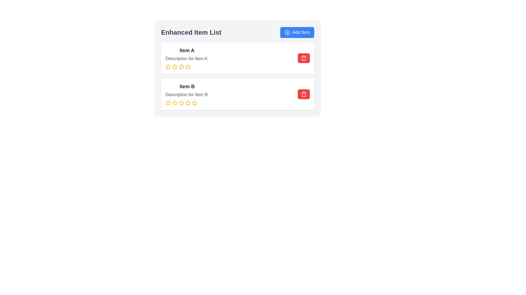 The image size is (526, 295). I want to click on the fifth star icon in the rating system for 'Item B', which is located below the description text in the second block of the item list, so click(195, 103).